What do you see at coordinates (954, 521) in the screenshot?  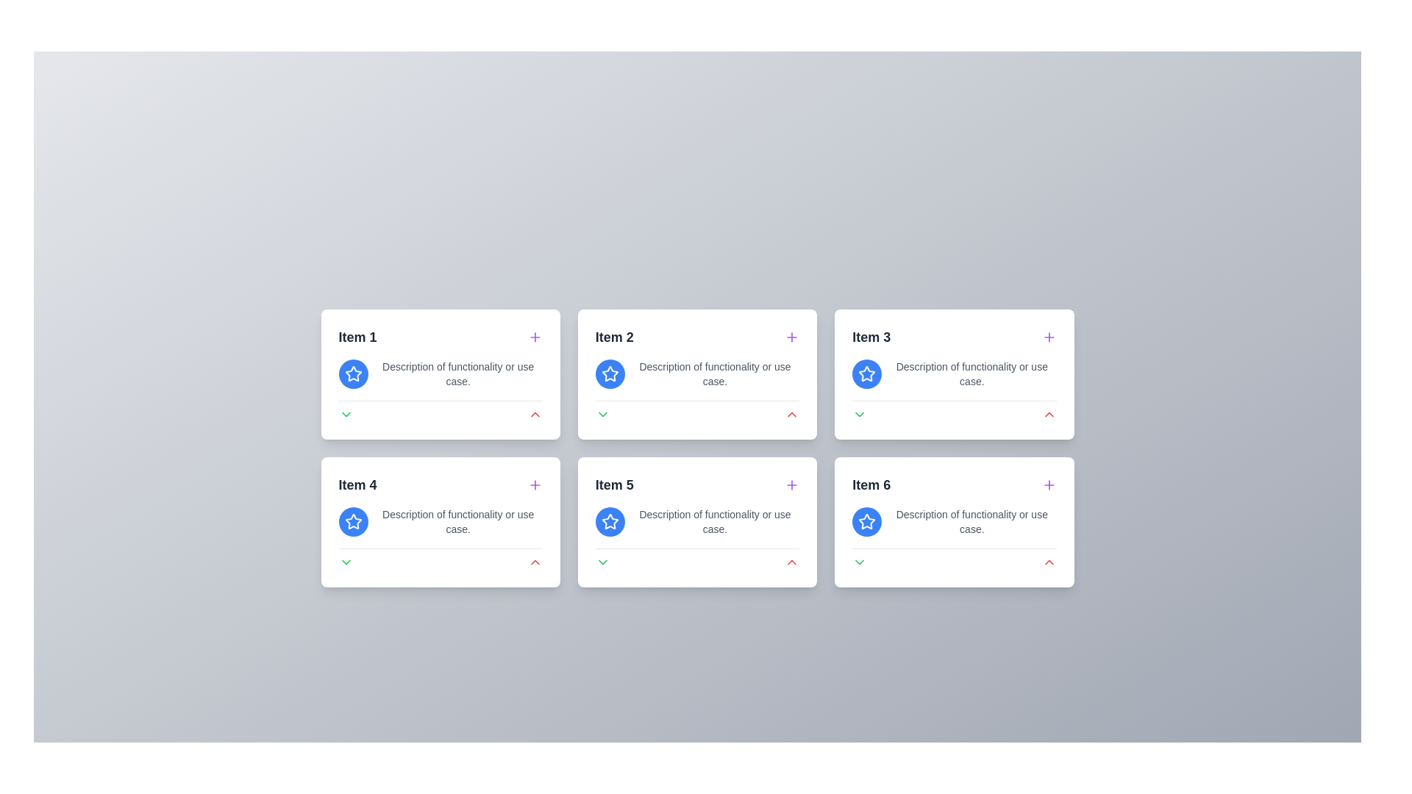 I see `the static text element that provides a description for the 'Item 6' card, located in the bottom-right card of a grid layout, positioned below the title heading and aligned to the left of the card body` at bounding box center [954, 521].